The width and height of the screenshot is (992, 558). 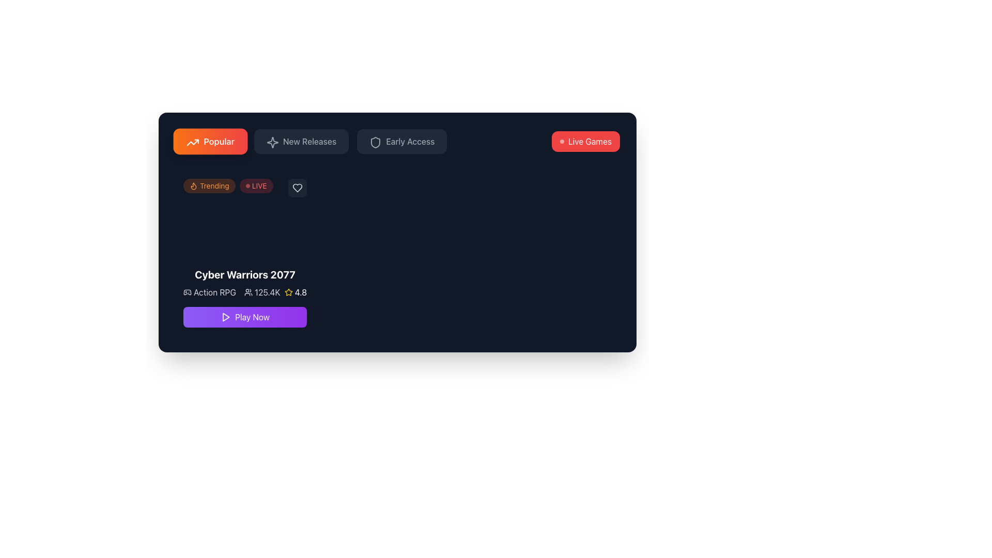 What do you see at coordinates (271, 141) in the screenshot?
I see `the decorative icon located on the left side of the 'New Releases' button` at bounding box center [271, 141].